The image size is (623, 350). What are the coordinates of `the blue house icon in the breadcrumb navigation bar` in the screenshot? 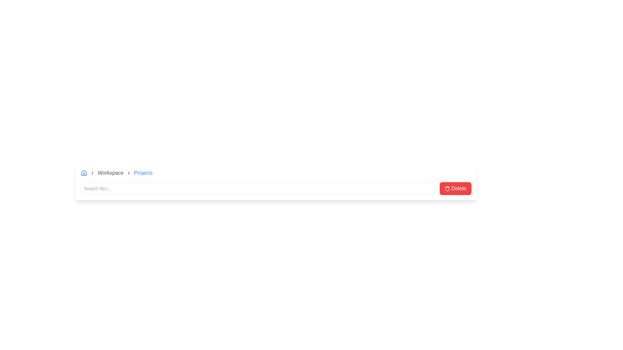 It's located at (84, 172).